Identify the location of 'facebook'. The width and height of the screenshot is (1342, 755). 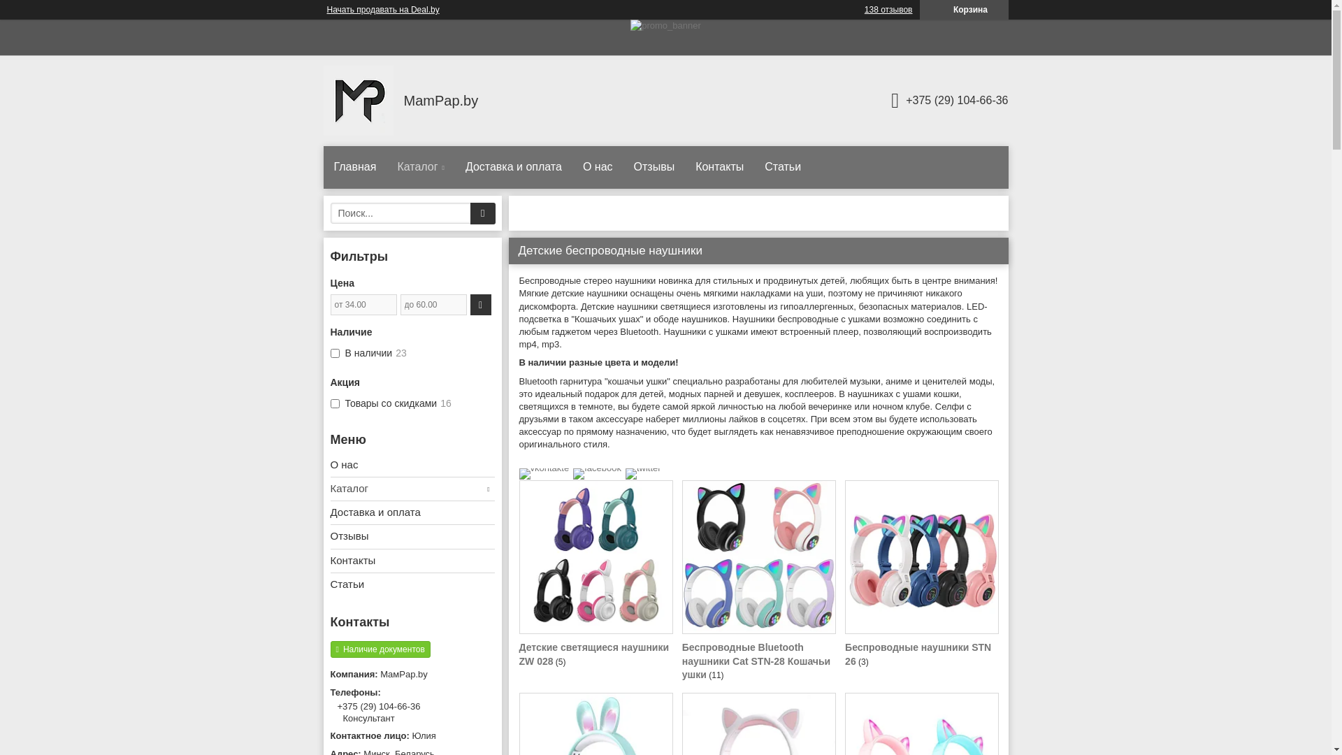
(573, 468).